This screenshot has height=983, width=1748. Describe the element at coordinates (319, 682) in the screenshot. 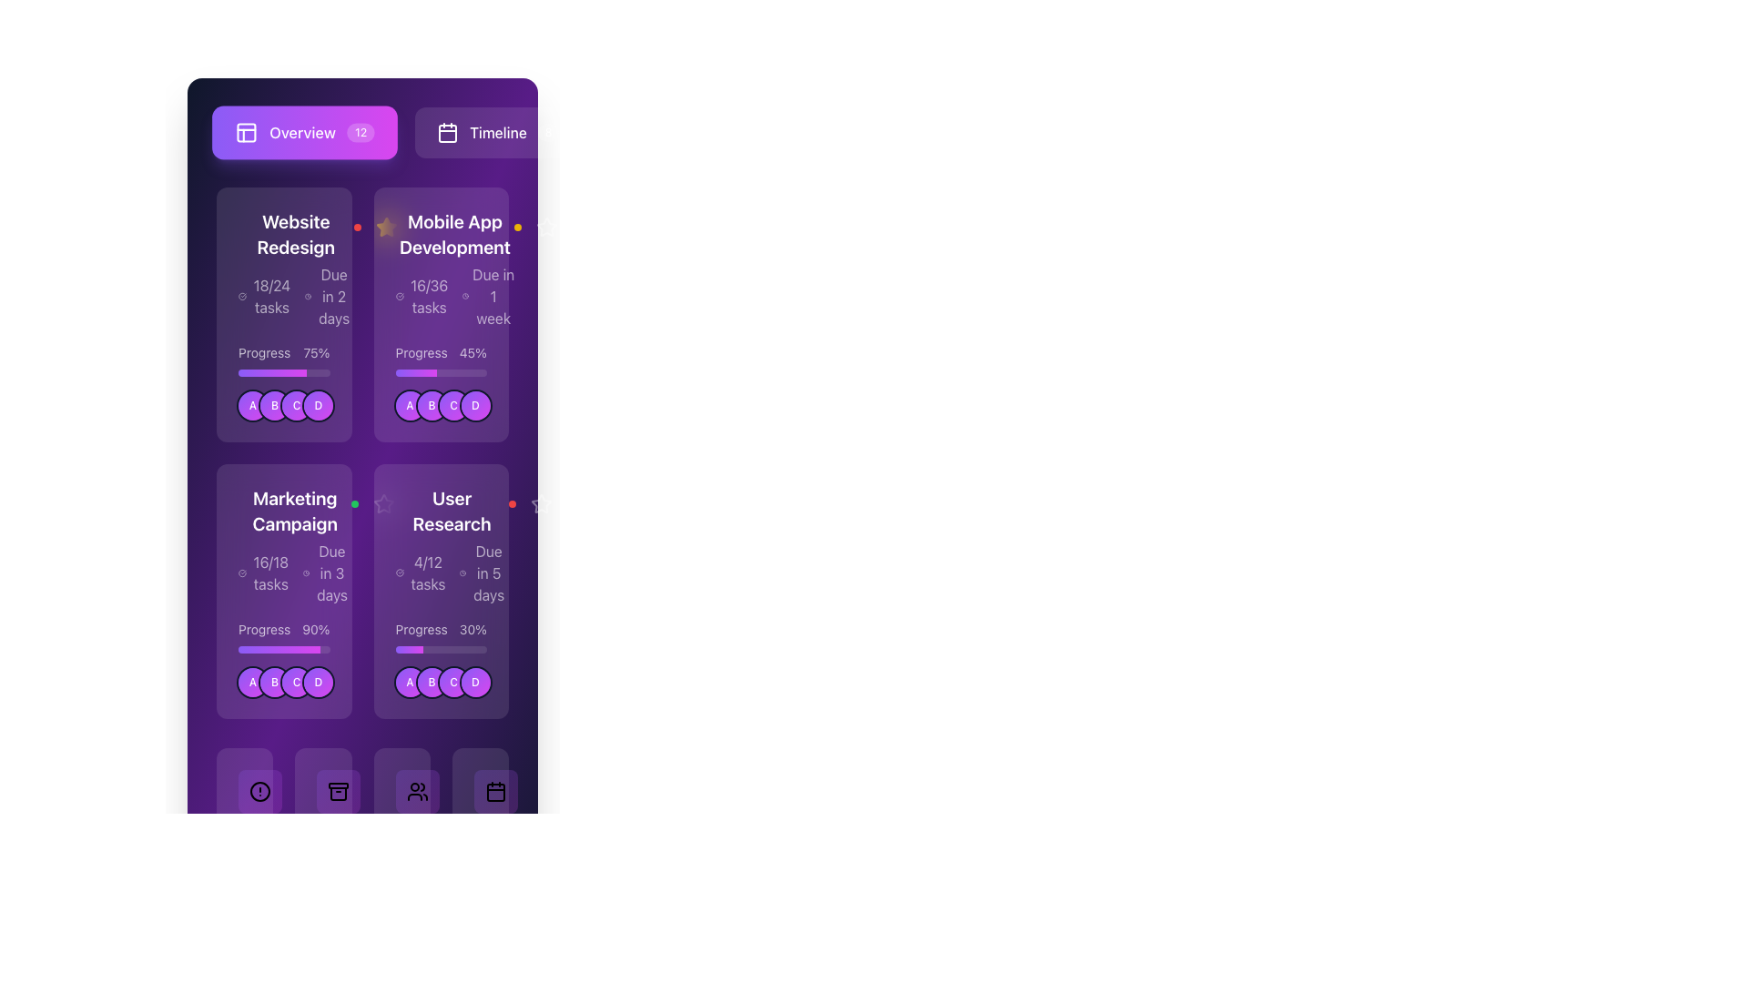

I see `the rightmost circular badge labeled 'D' in the row of badges below the 'Marketing Campaign' card` at that location.